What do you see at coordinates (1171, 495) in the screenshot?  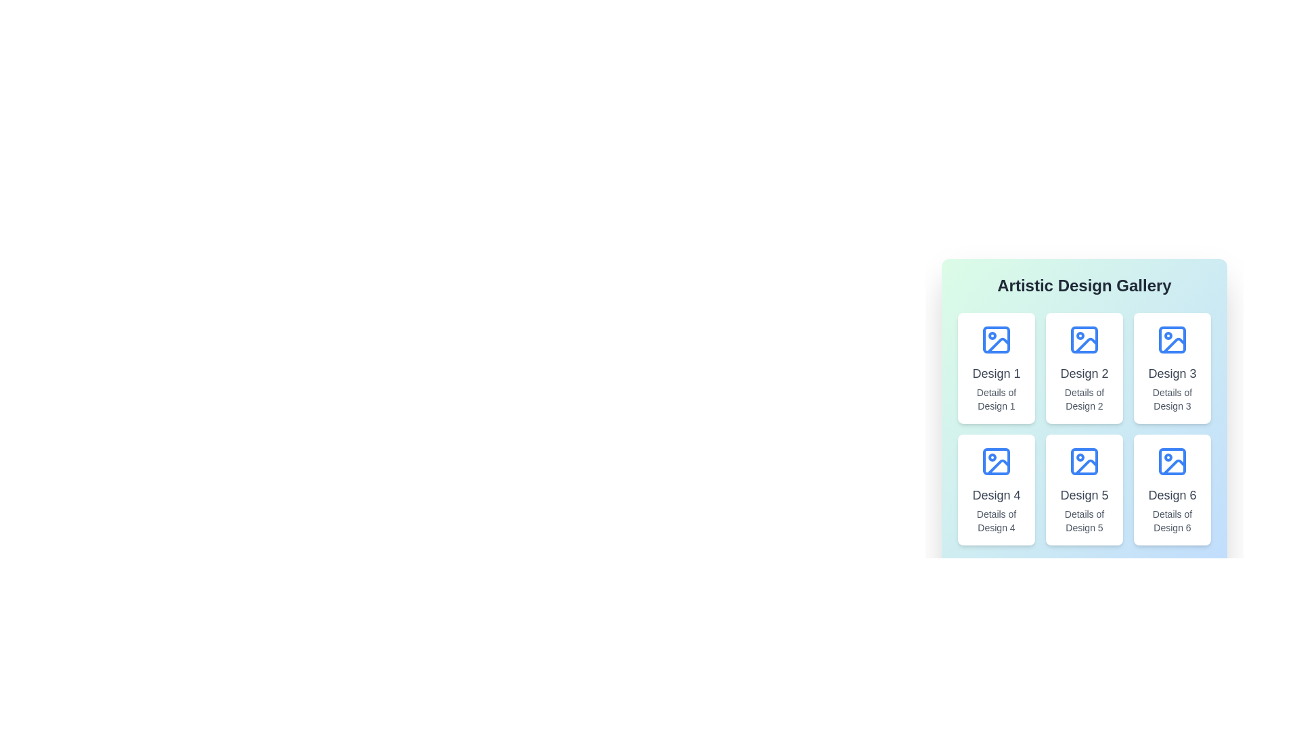 I see `the Text Label that serves as a title or heading for the design card in the bottom row of a 3x2 grid, located in the rightmost column` at bounding box center [1171, 495].